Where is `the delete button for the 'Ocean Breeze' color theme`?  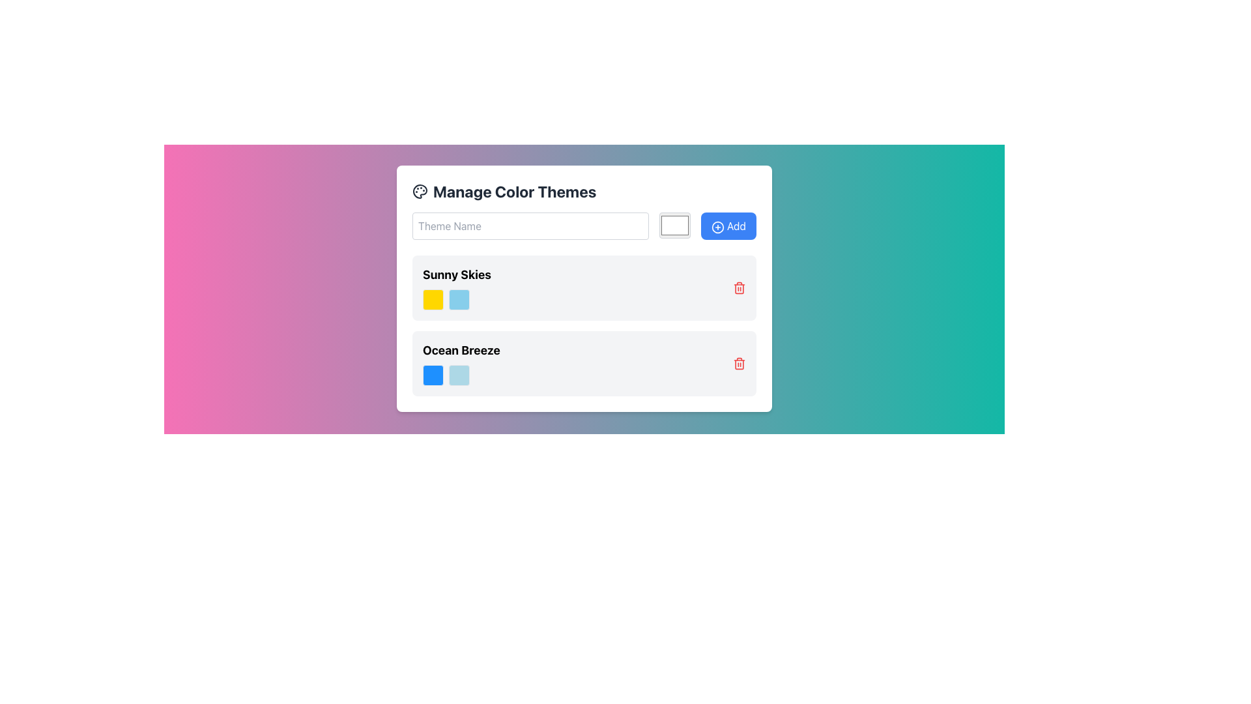 the delete button for the 'Ocean Breeze' color theme is located at coordinates (739, 364).